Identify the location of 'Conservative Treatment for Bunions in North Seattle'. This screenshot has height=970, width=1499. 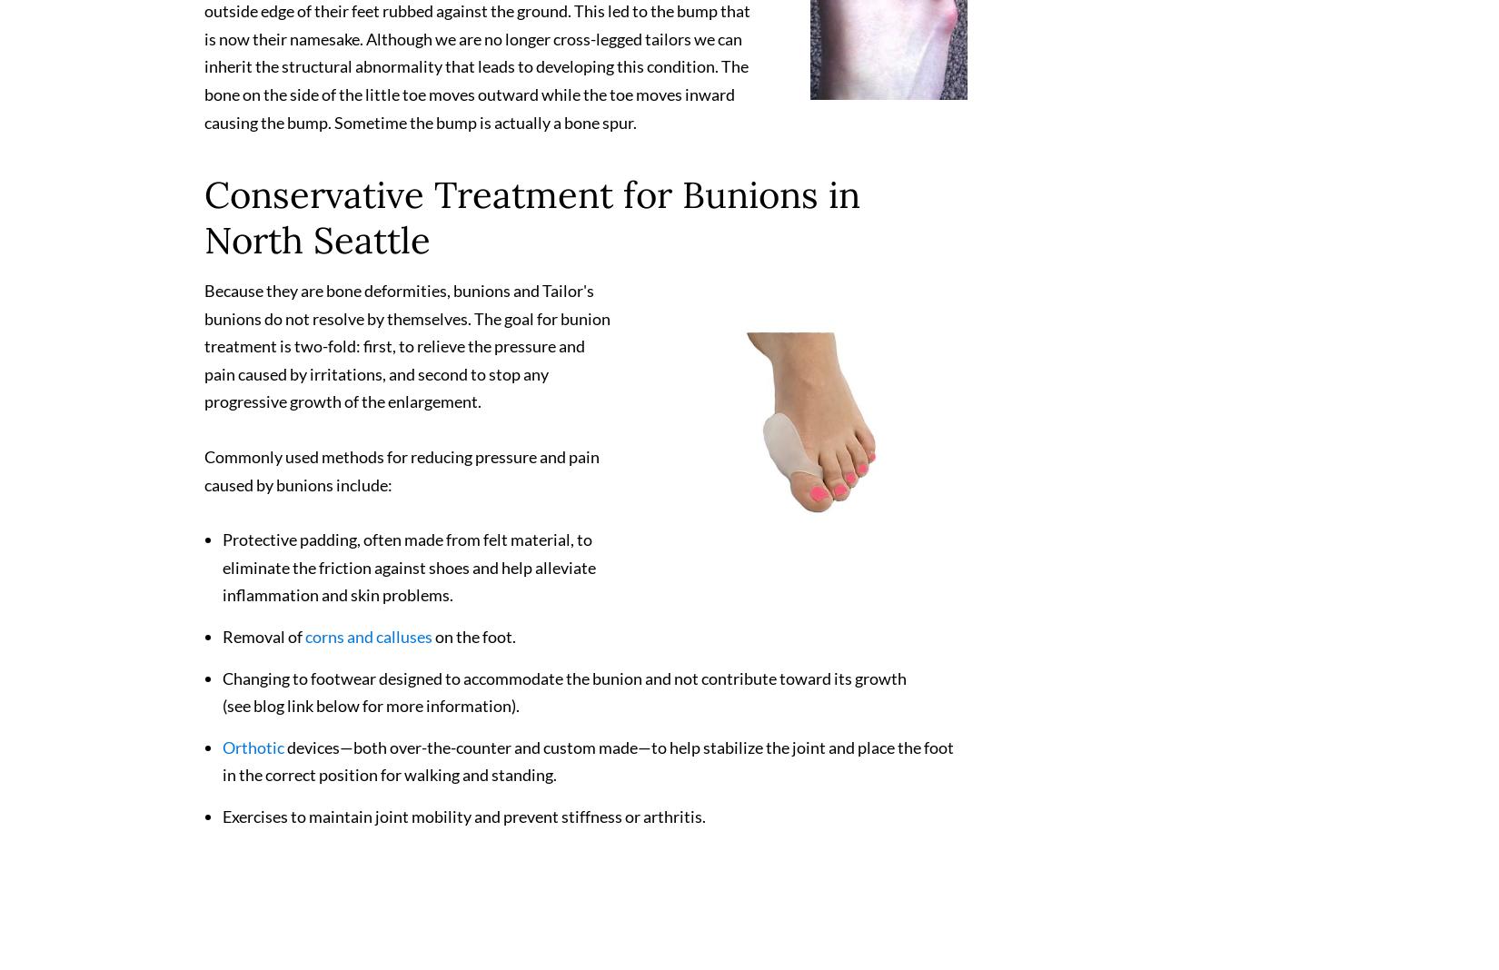
(531, 225).